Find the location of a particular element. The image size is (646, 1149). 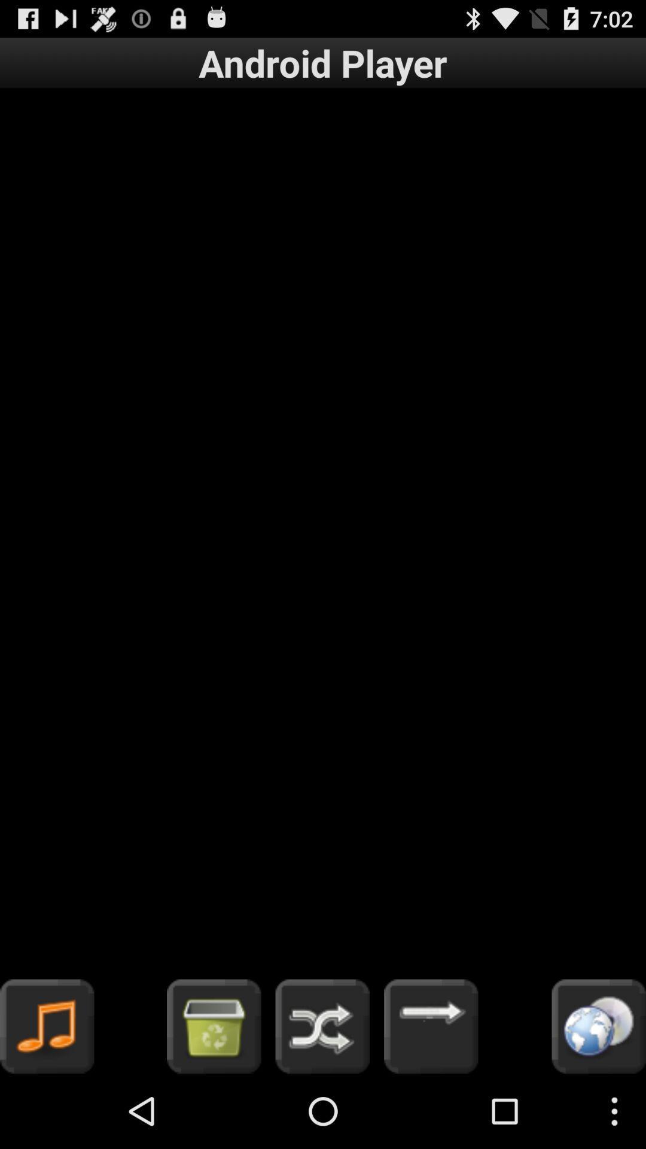

the item at the center is located at coordinates (323, 533).